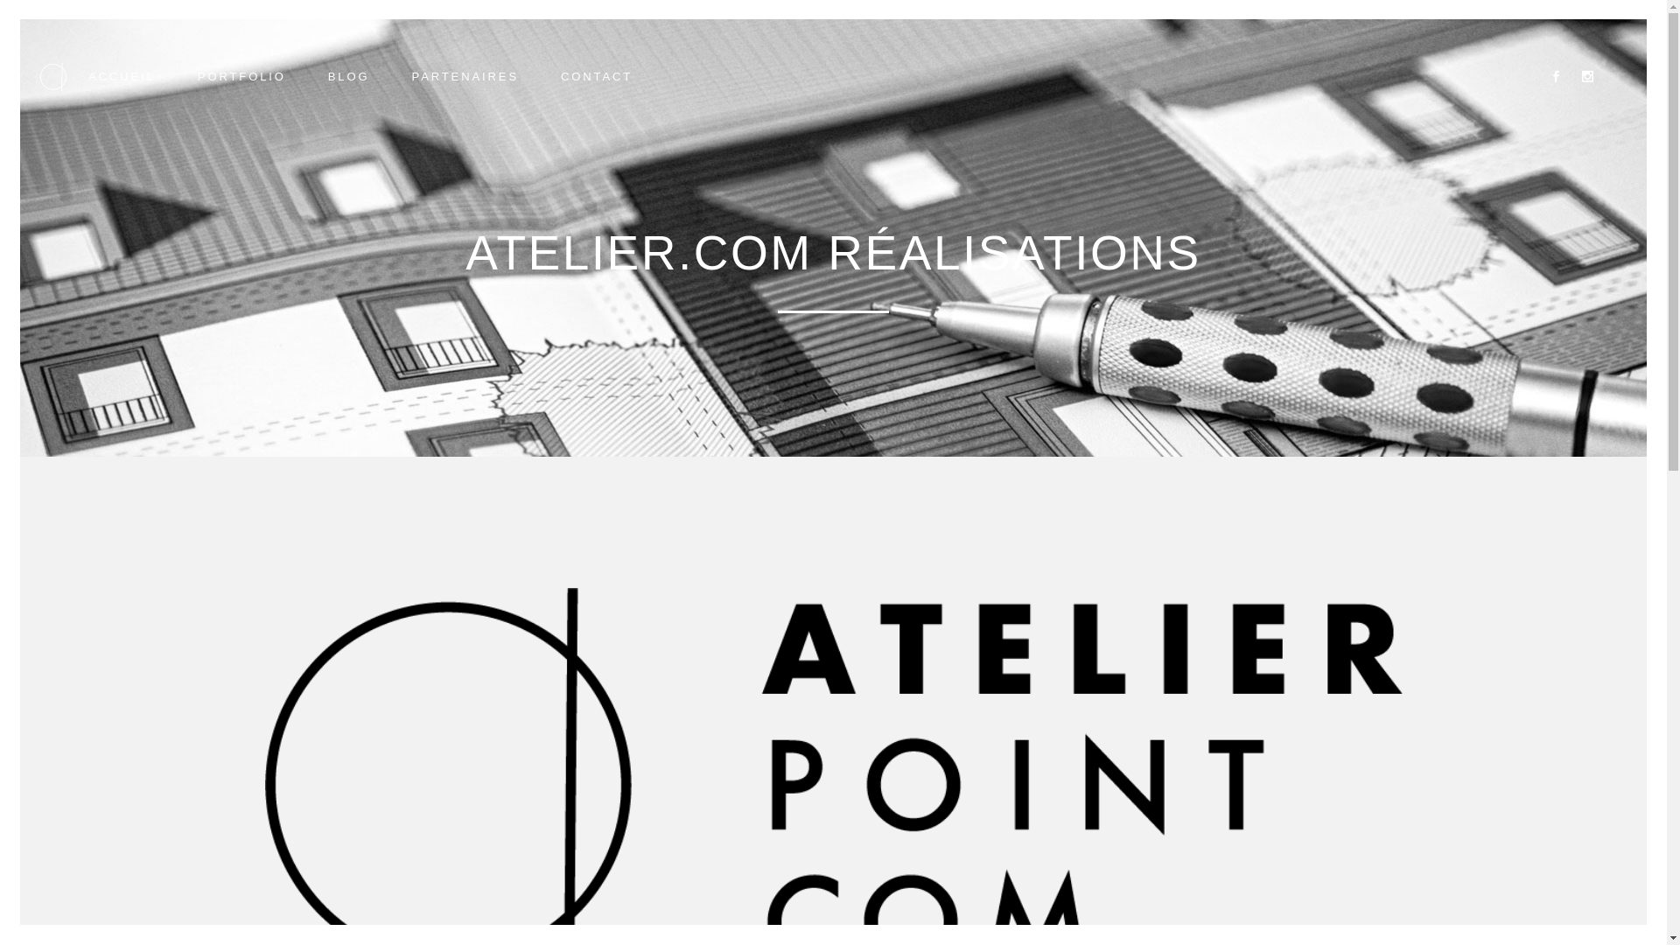 This screenshot has height=945, width=1680. I want to click on 'ACCUEIL', so click(66, 76).